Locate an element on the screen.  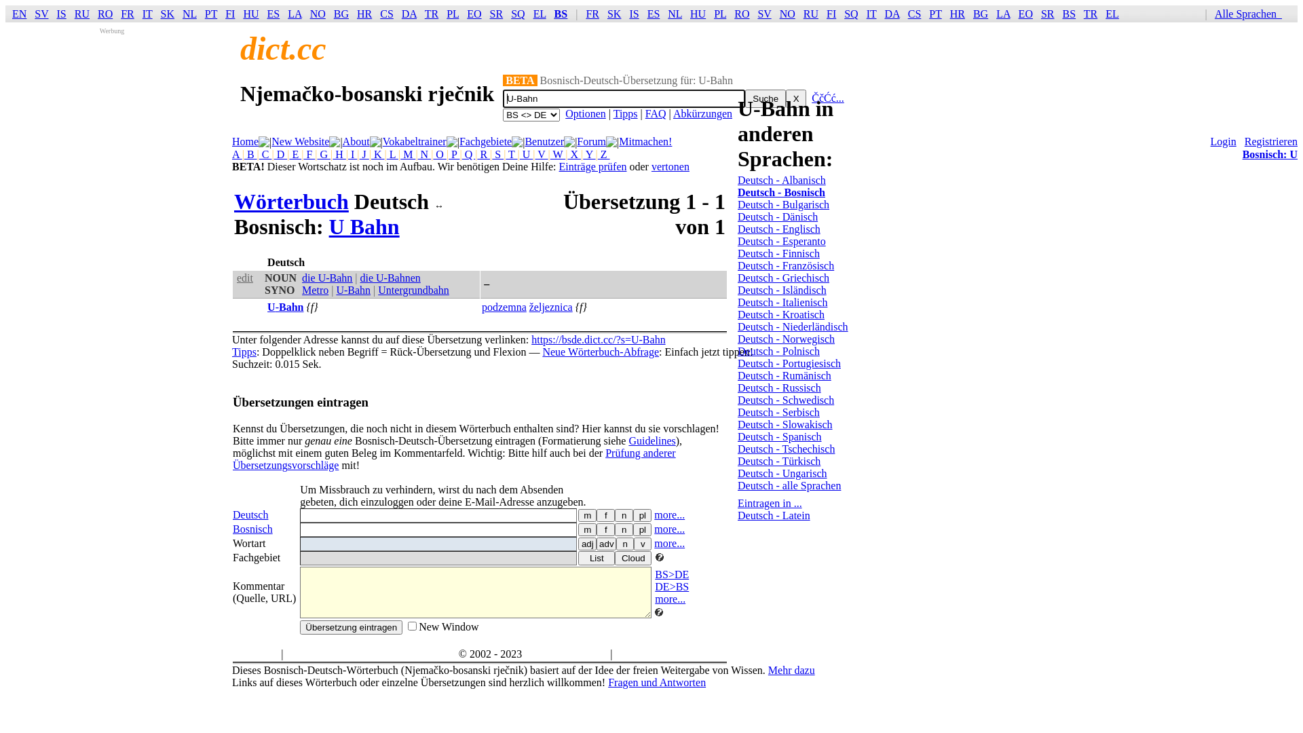
'F' is located at coordinates (302, 153).